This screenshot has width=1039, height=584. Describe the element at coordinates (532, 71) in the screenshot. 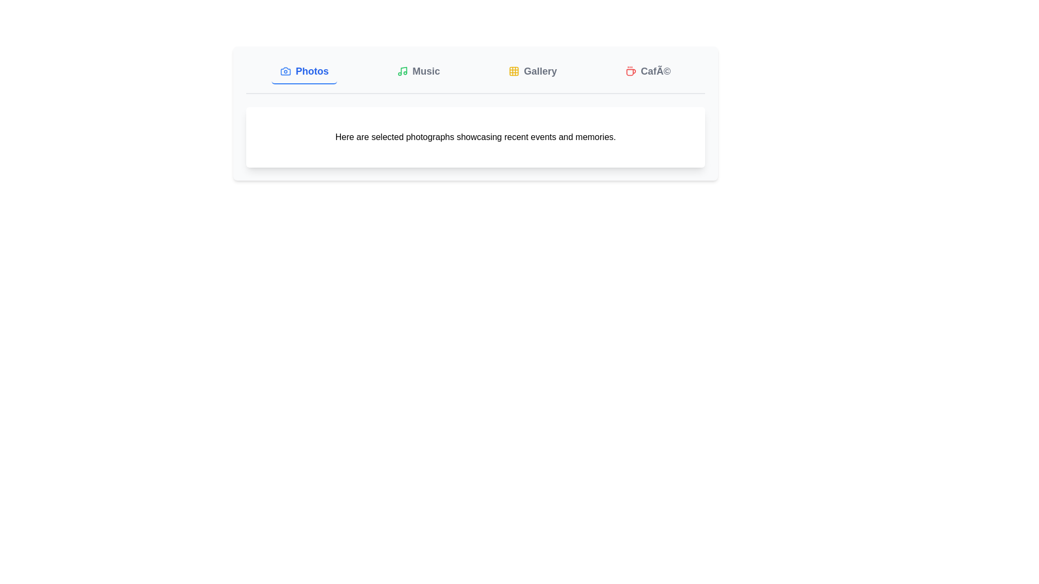

I see `the 'Gallery' button, which is the third tab from the left in the horizontal navigation bar, positioned between the 'Music' and 'Café' tabs to trigger a visual effect` at that location.